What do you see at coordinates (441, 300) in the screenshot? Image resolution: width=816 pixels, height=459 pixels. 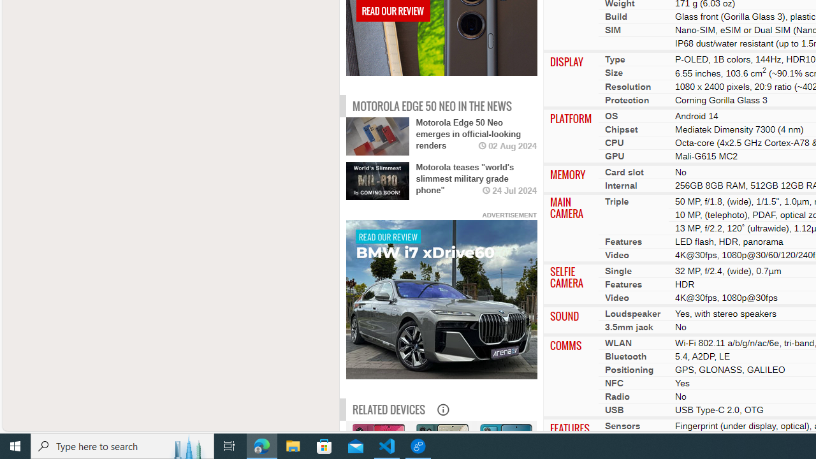 I see `'To get missing image descriptions, open the context menu.'` at bounding box center [441, 300].